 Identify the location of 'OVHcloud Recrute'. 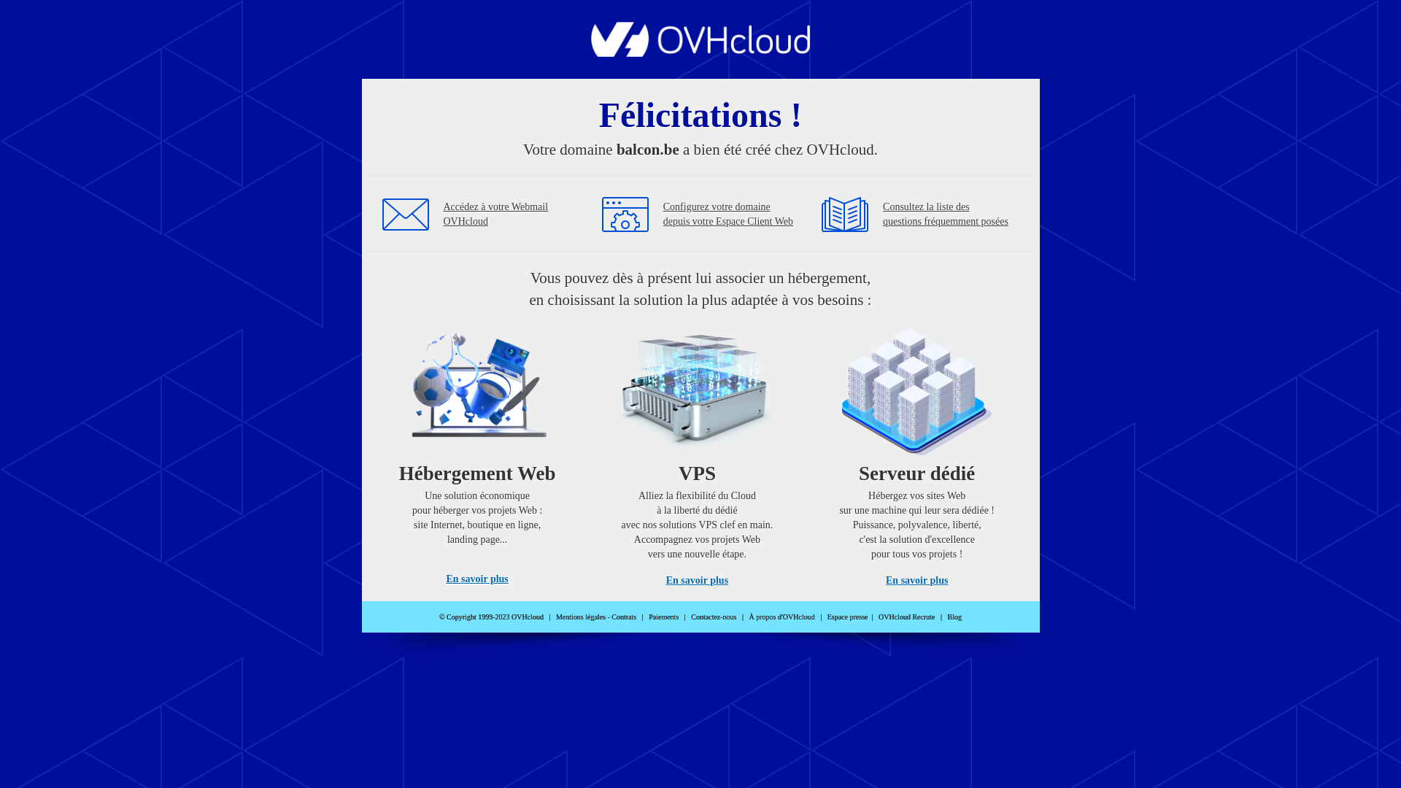
(906, 617).